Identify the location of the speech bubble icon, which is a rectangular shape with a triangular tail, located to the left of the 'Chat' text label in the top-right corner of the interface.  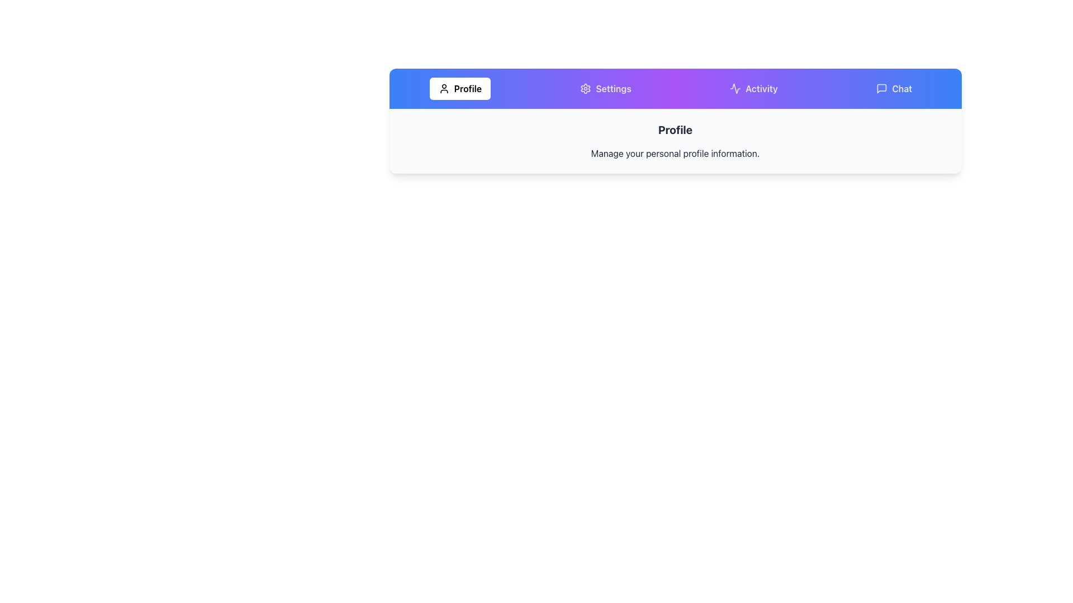
(881, 88).